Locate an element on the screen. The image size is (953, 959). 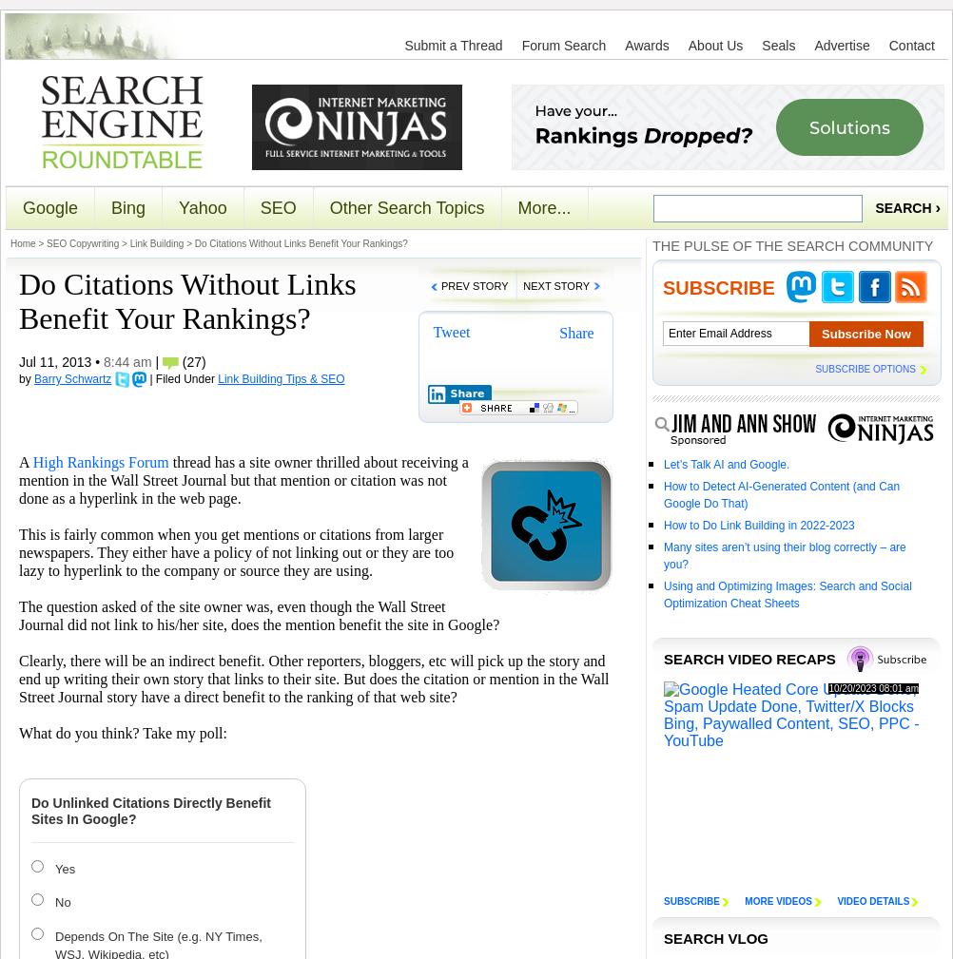
'10/20/2023 08:01 am' is located at coordinates (873, 688).